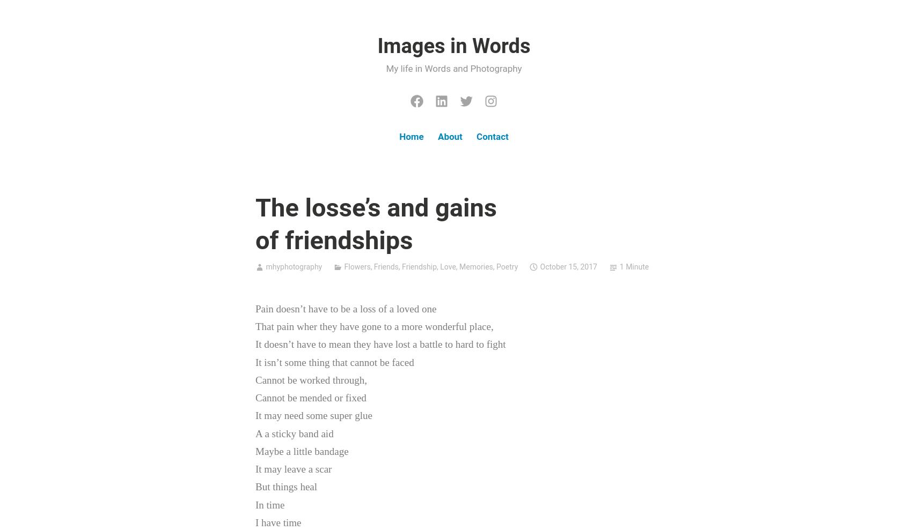  I want to click on 'It may need some super glue', so click(313, 415).